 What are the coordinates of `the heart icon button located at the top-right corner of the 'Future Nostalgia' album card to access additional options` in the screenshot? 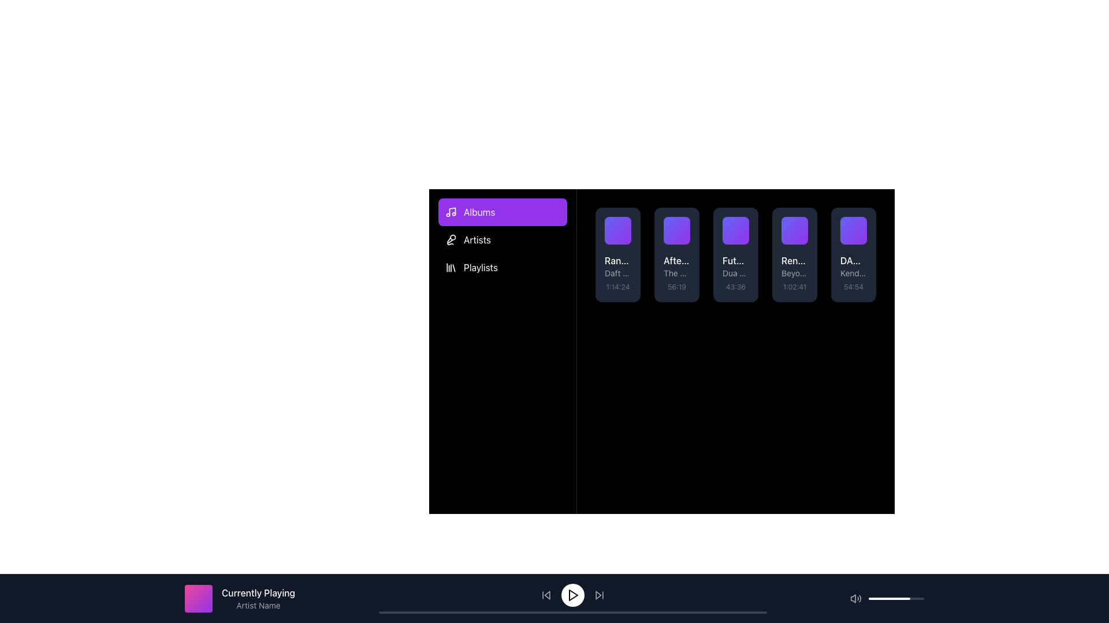 It's located at (742, 224).